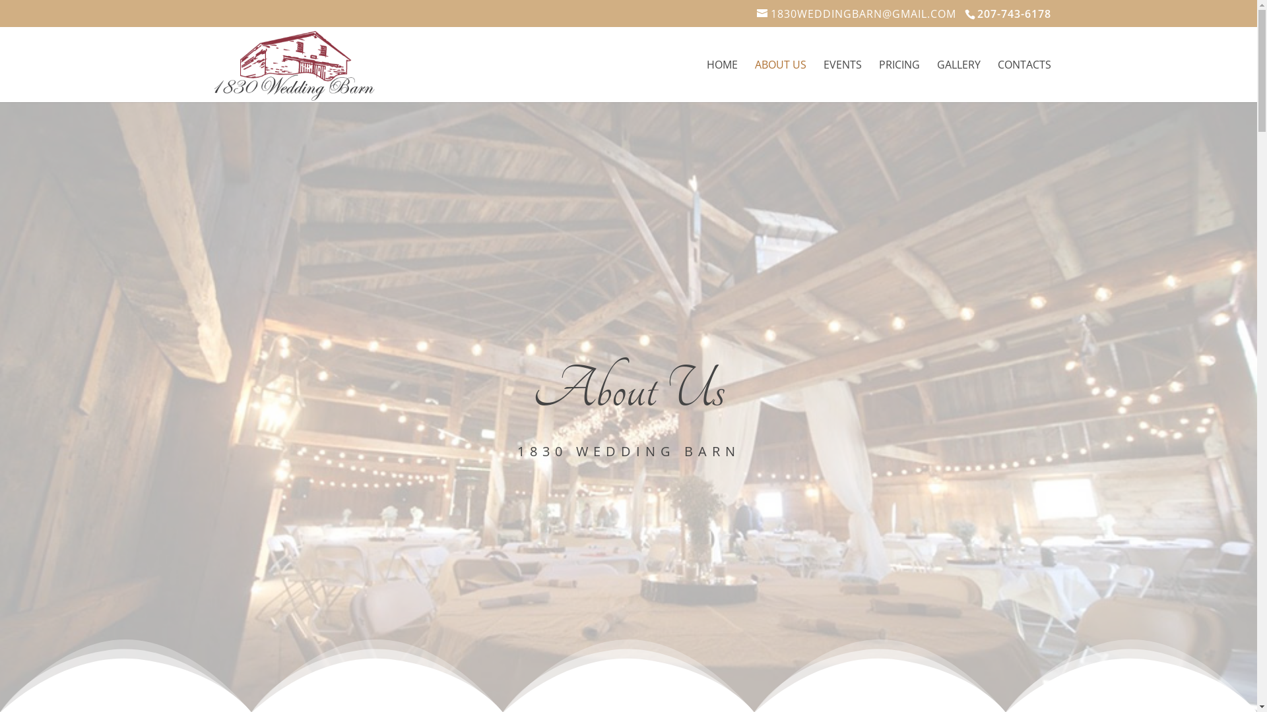 This screenshot has height=712, width=1267. I want to click on 'PRICING', so click(878, 81).